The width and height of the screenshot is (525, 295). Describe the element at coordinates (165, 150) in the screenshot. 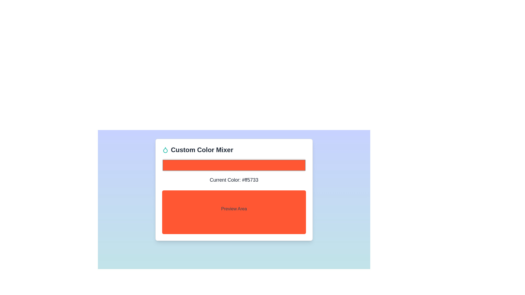

I see `the teal droplet icon that resembles a water droplet, positioned to the left of the 'Custom Color Mixer' text in the header section` at that location.